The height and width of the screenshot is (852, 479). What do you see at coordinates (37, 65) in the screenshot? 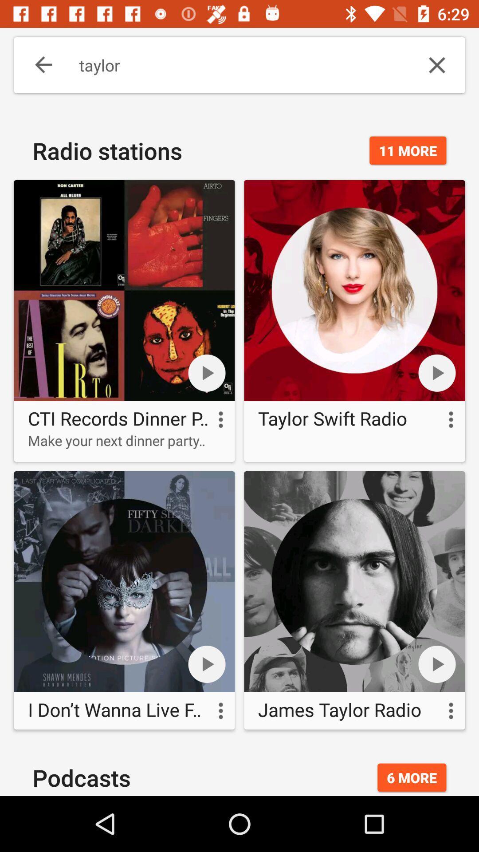
I see `the icon next to the taylor icon` at bounding box center [37, 65].